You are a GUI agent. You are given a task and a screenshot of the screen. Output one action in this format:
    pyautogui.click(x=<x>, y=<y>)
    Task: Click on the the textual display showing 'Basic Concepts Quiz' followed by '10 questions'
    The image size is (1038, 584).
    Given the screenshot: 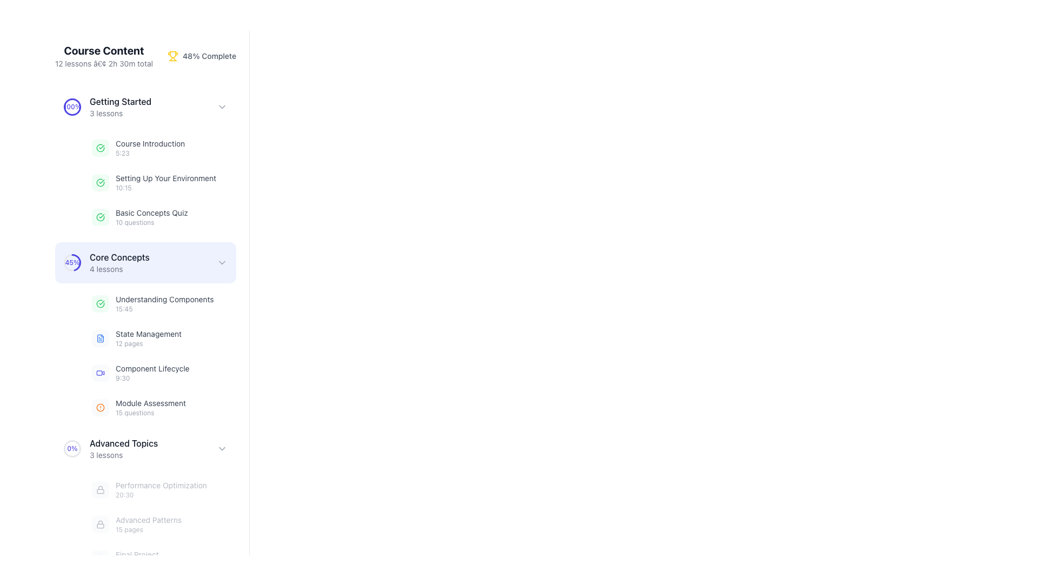 What is the action you would take?
    pyautogui.click(x=151, y=217)
    